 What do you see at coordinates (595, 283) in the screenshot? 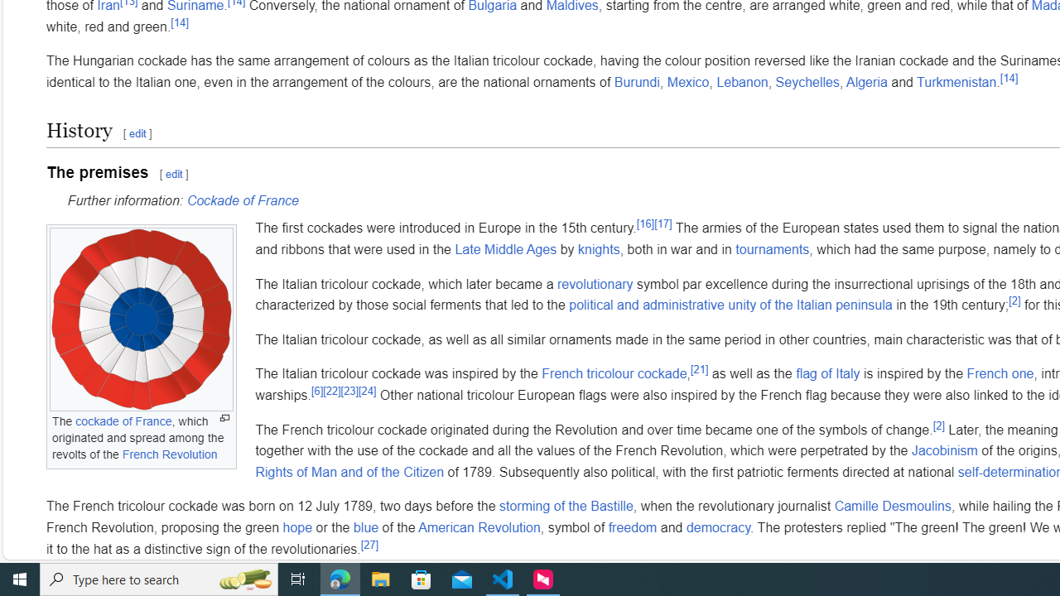
I see `'revolutionary'` at bounding box center [595, 283].